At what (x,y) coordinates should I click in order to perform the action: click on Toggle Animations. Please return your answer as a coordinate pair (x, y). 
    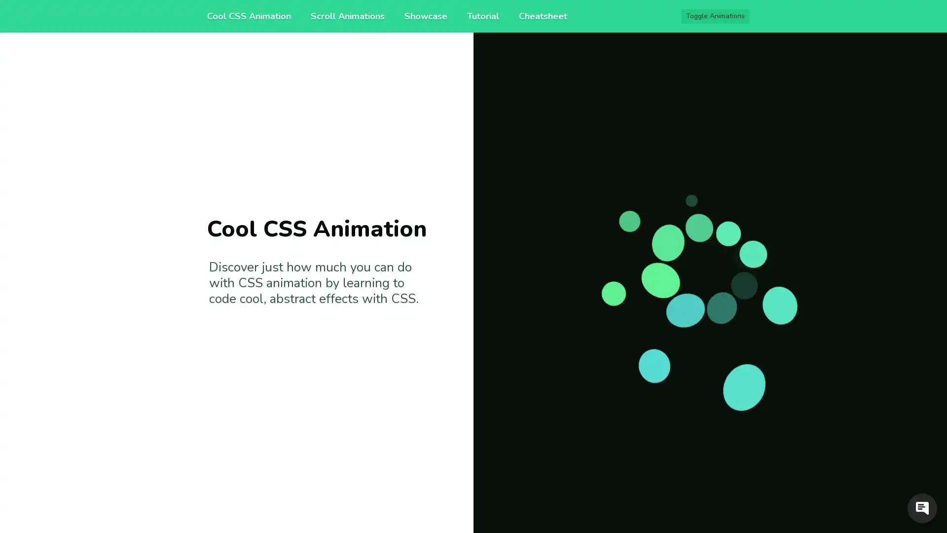
    Looking at the image, I should click on (715, 16).